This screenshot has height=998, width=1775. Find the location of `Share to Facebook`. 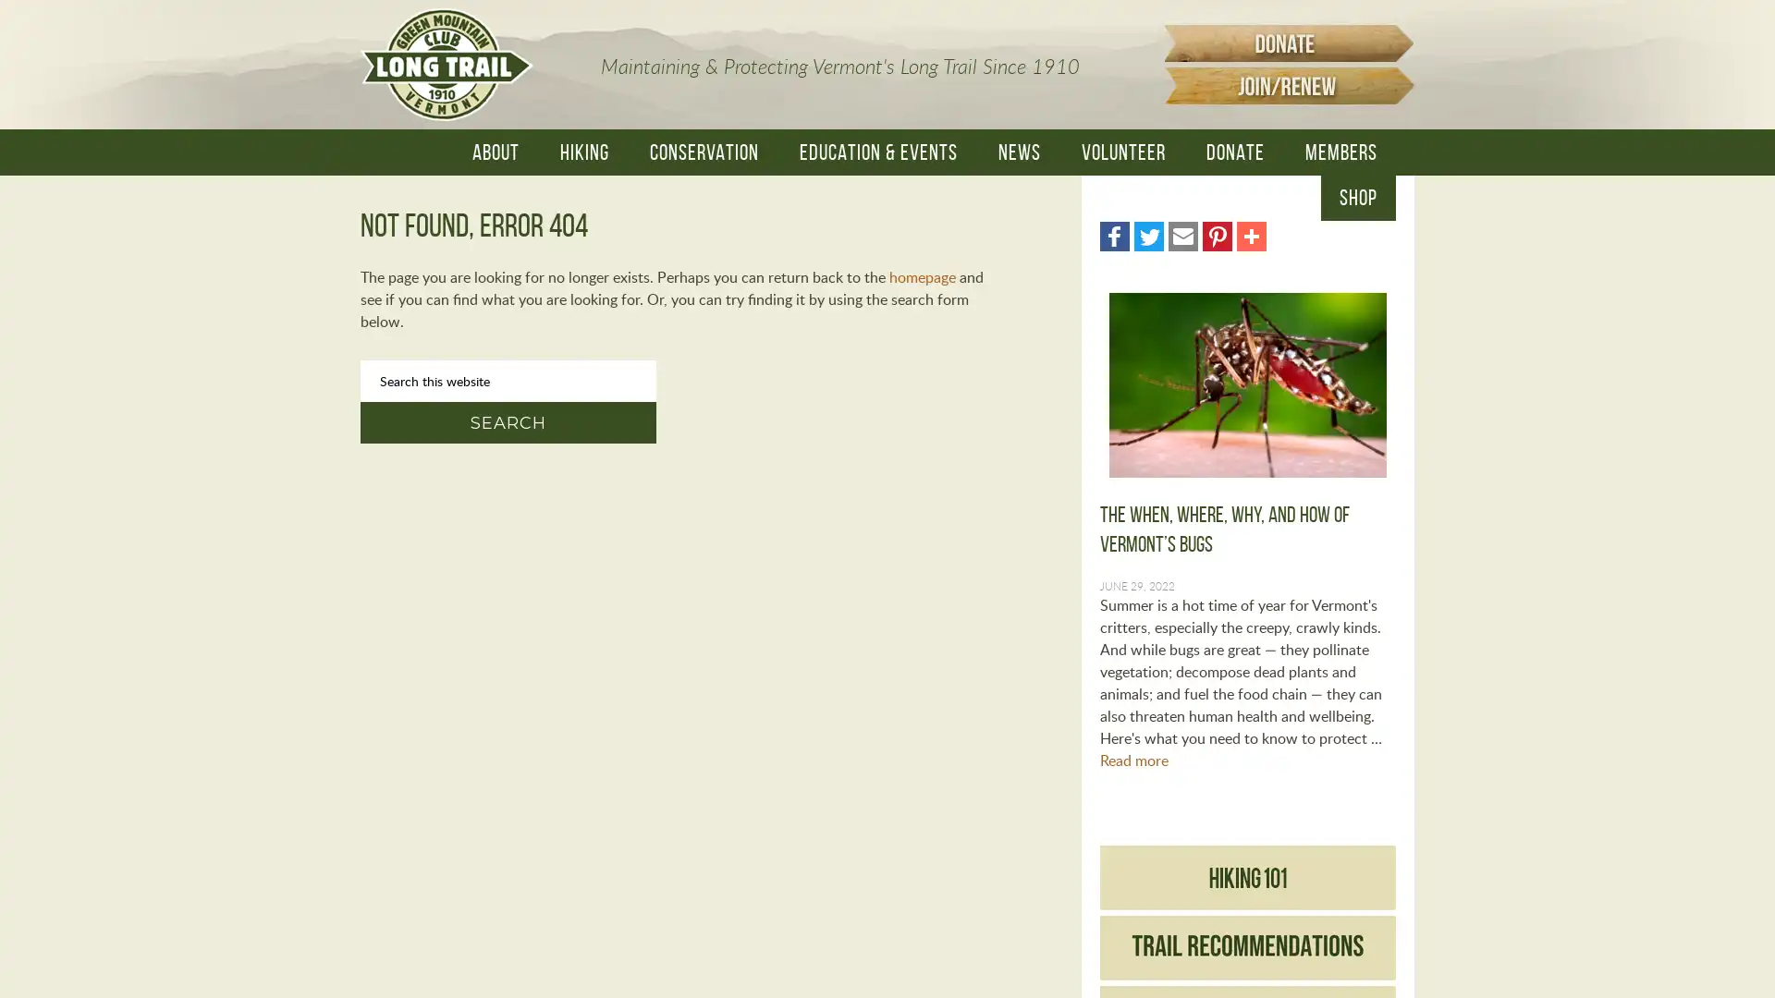

Share to Facebook is located at coordinates (1113, 235).